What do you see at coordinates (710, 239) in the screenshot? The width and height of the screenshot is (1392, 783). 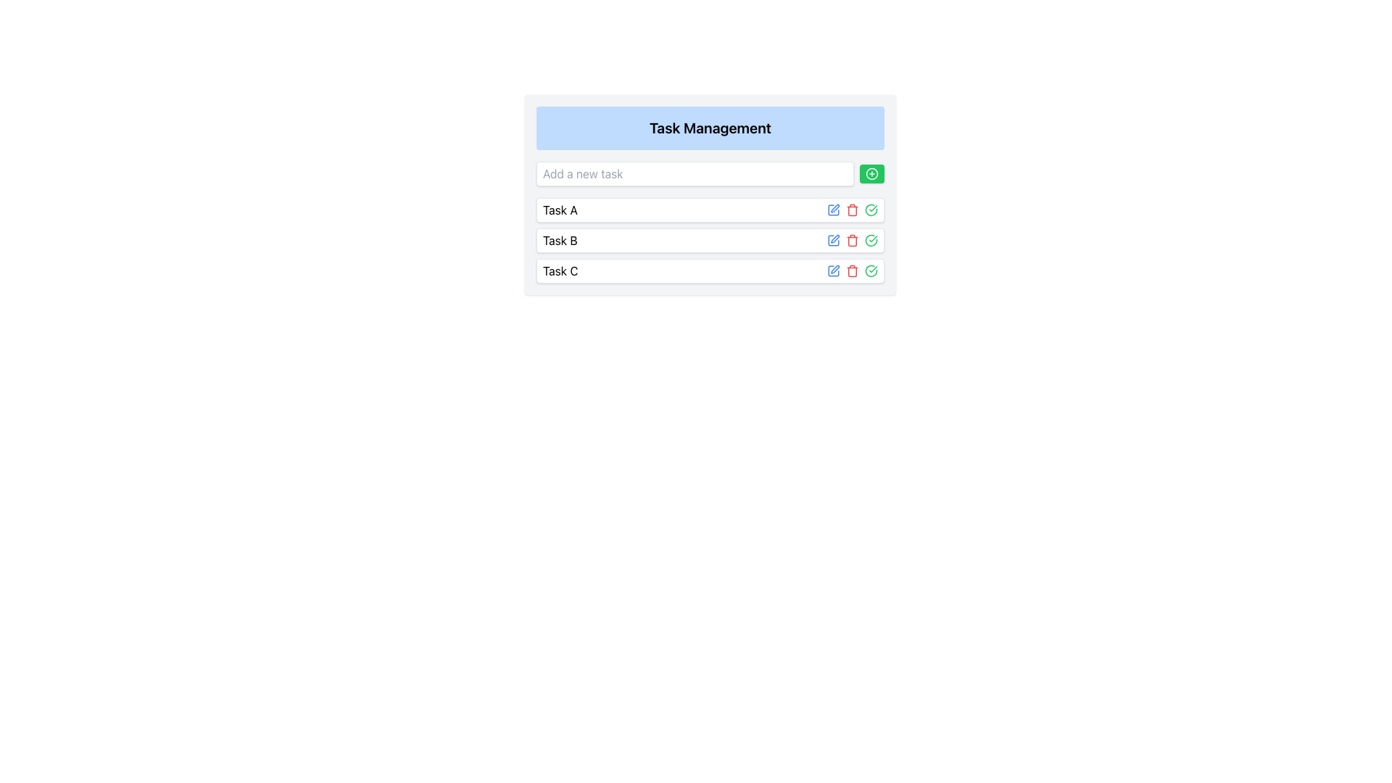 I see `the second list item representing 'Task B' in the Task Management section to interact with its associated controls` at bounding box center [710, 239].